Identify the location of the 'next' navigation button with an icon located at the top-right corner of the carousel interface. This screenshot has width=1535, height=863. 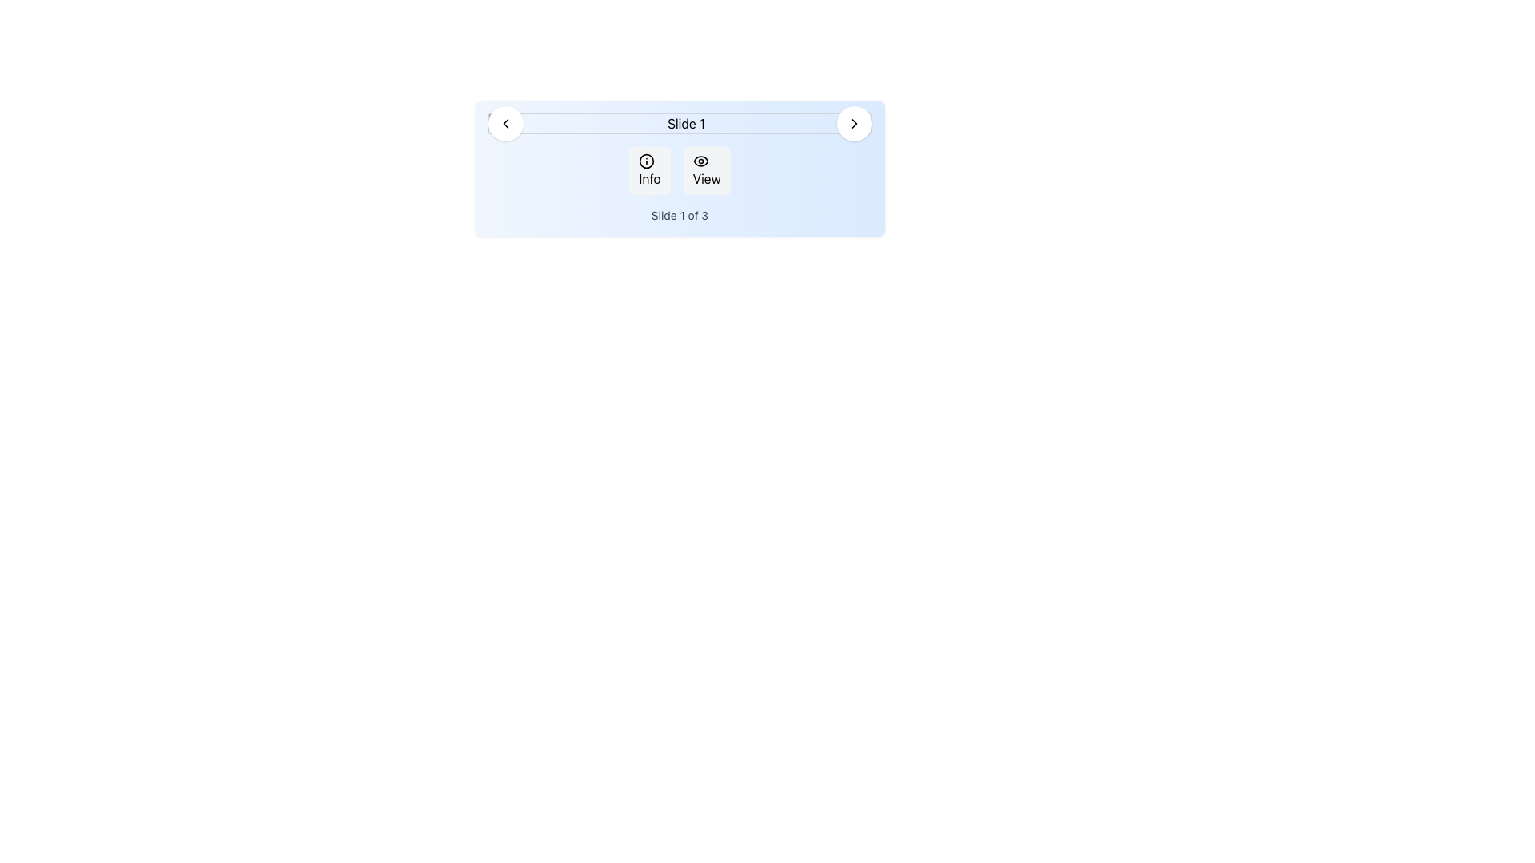
(853, 122).